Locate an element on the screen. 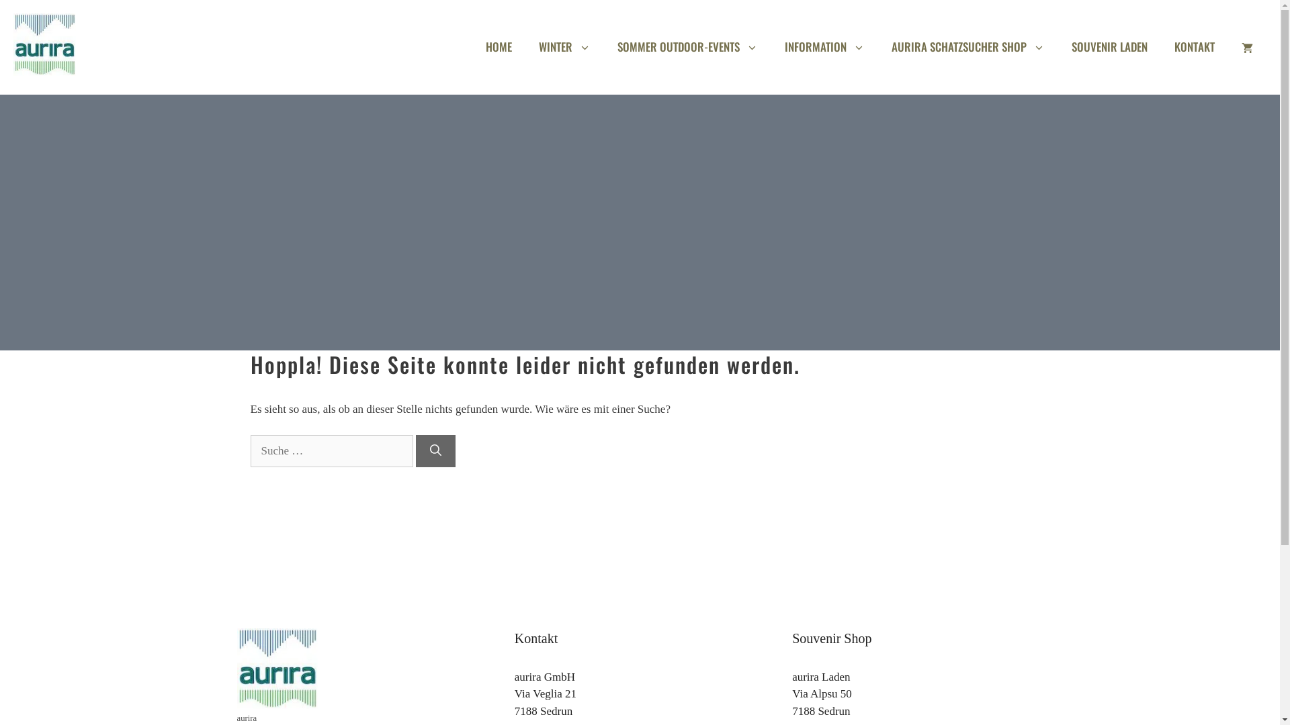  'SOMMER OUTDOOR-EVENTS' is located at coordinates (687, 46).